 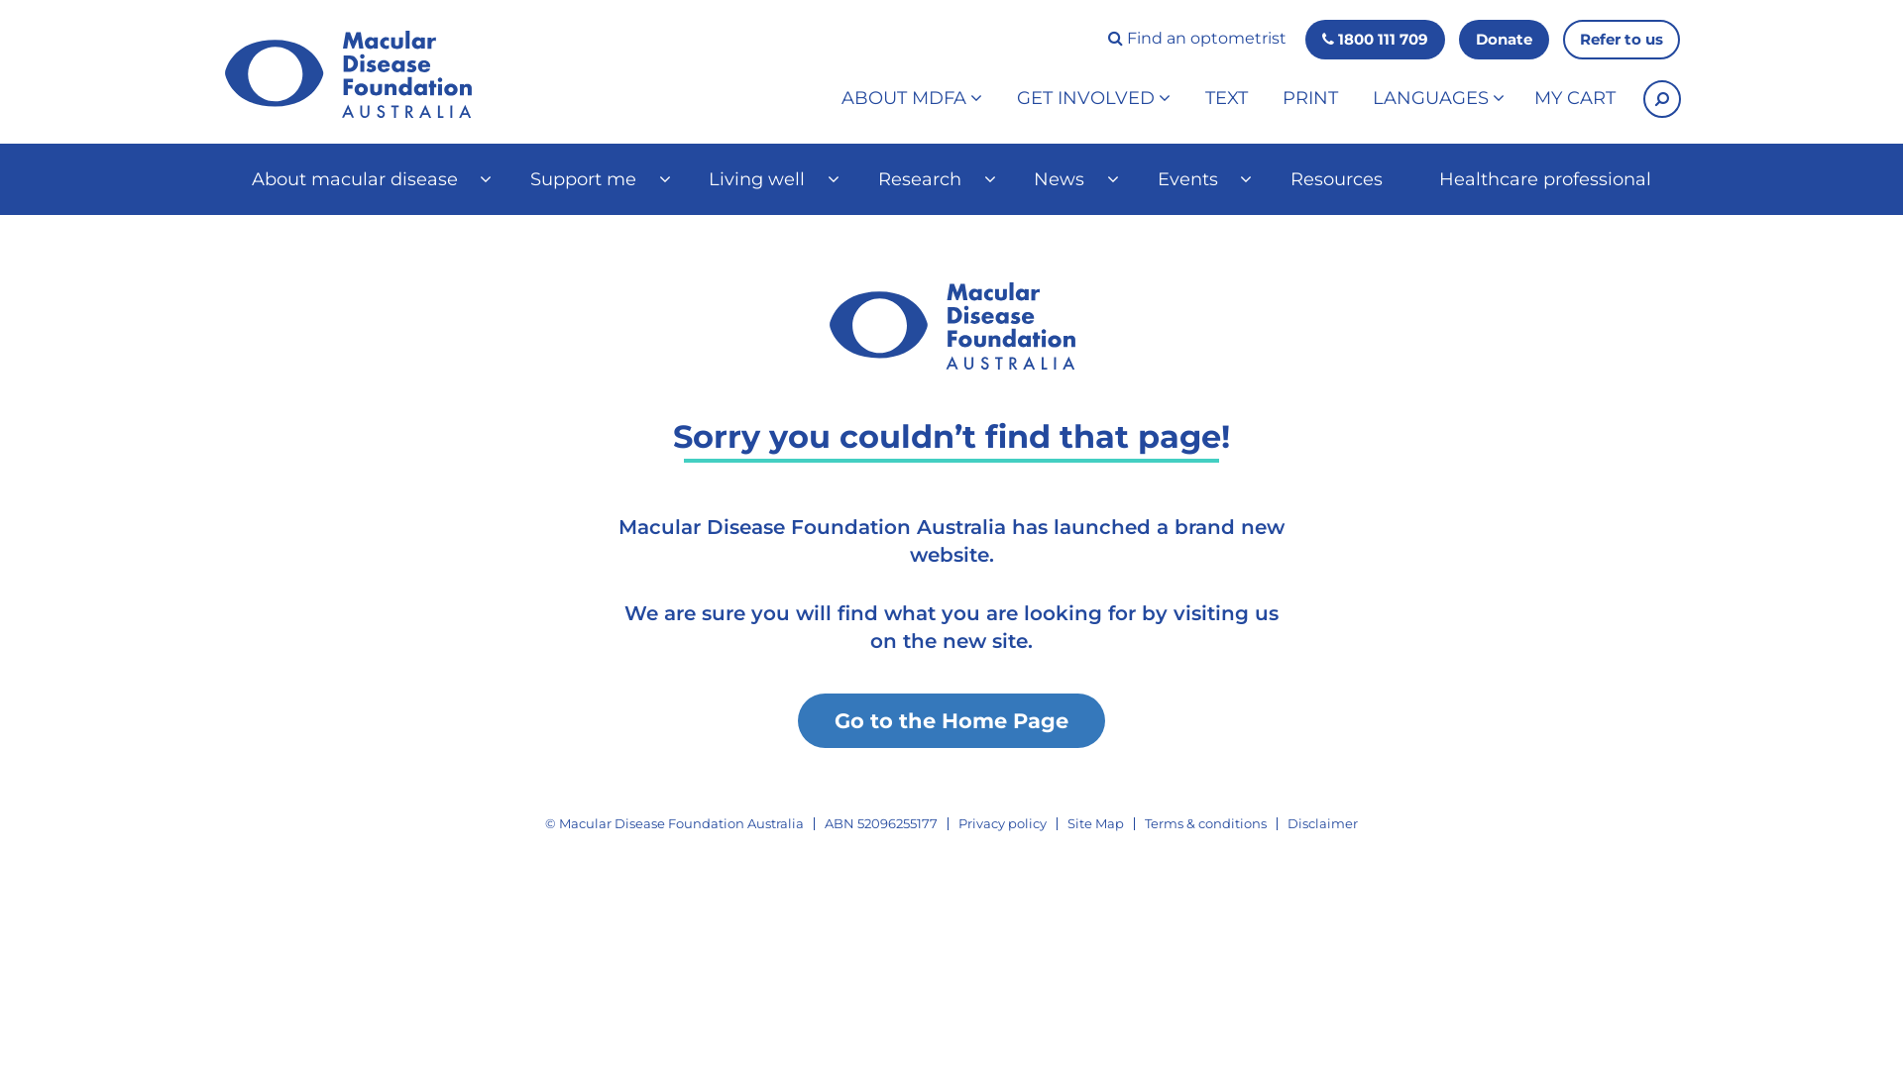 What do you see at coordinates (1002, 822) in the screenshot?
I see `'Privacy policy'` at bounding box center [1002, 822].